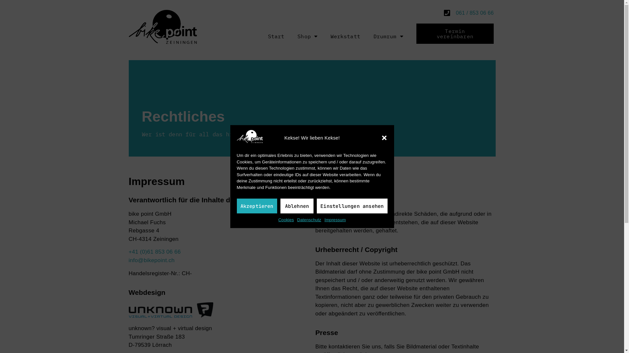  Describe the element at coordinates (307, 36) in the screenshot. I see `'Shop'` at that location.